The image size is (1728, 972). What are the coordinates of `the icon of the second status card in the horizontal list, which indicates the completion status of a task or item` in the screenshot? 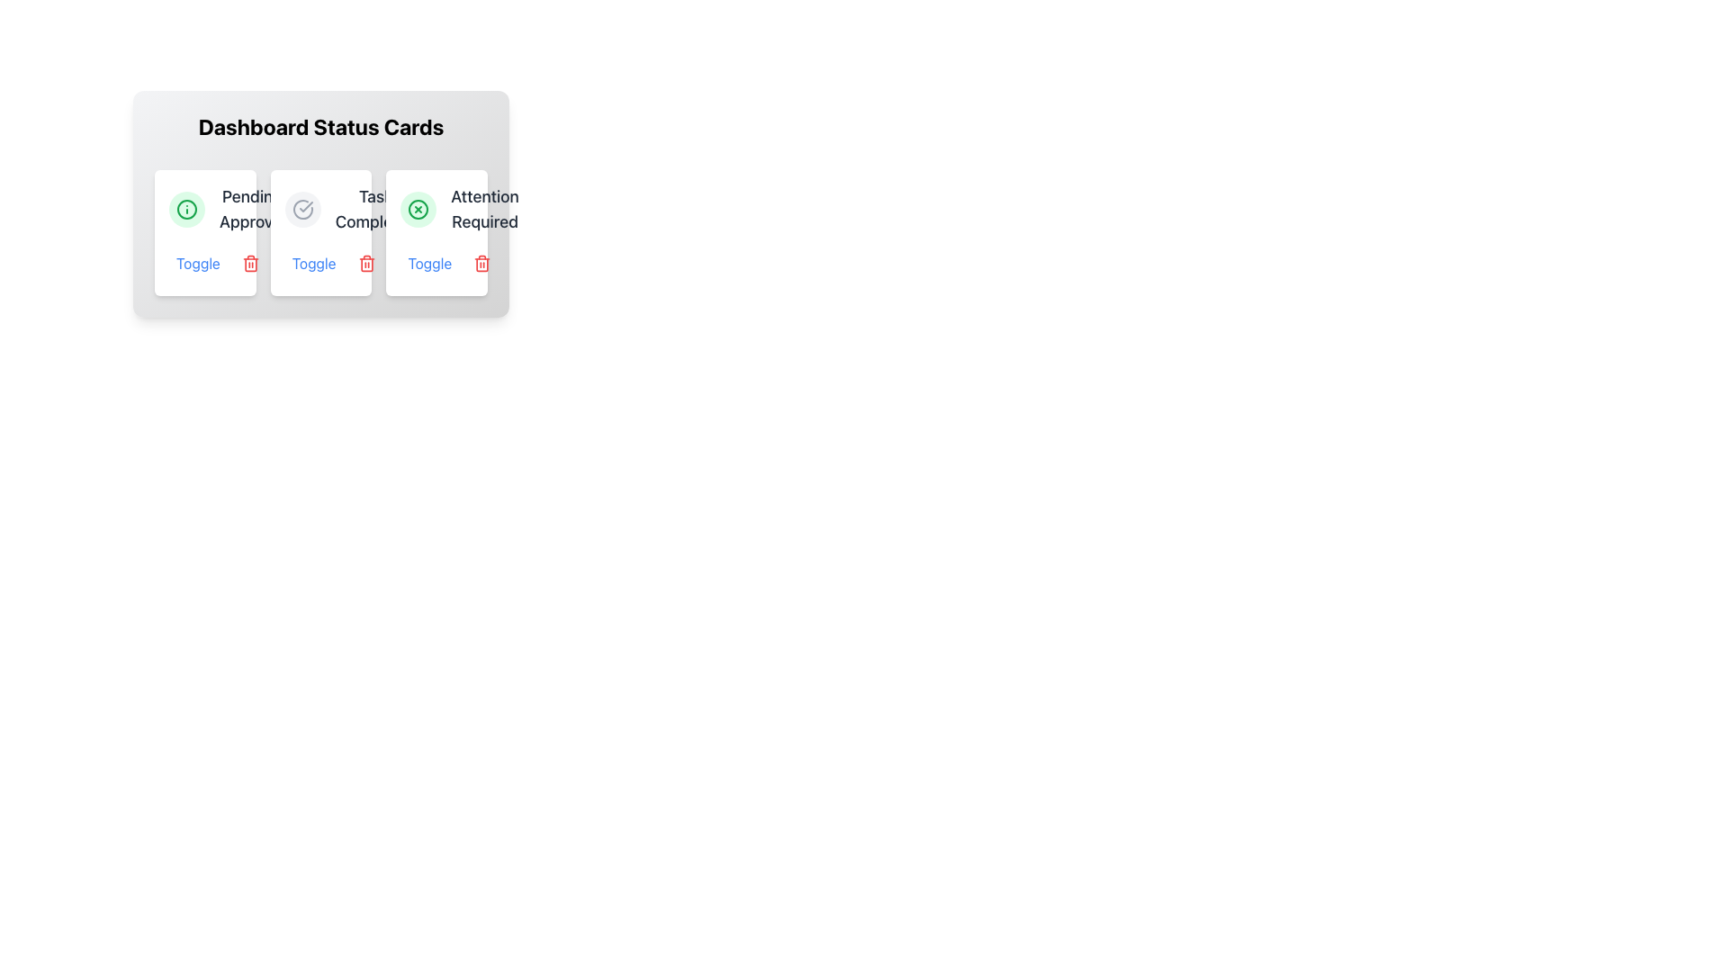 It's located at (320, 208).